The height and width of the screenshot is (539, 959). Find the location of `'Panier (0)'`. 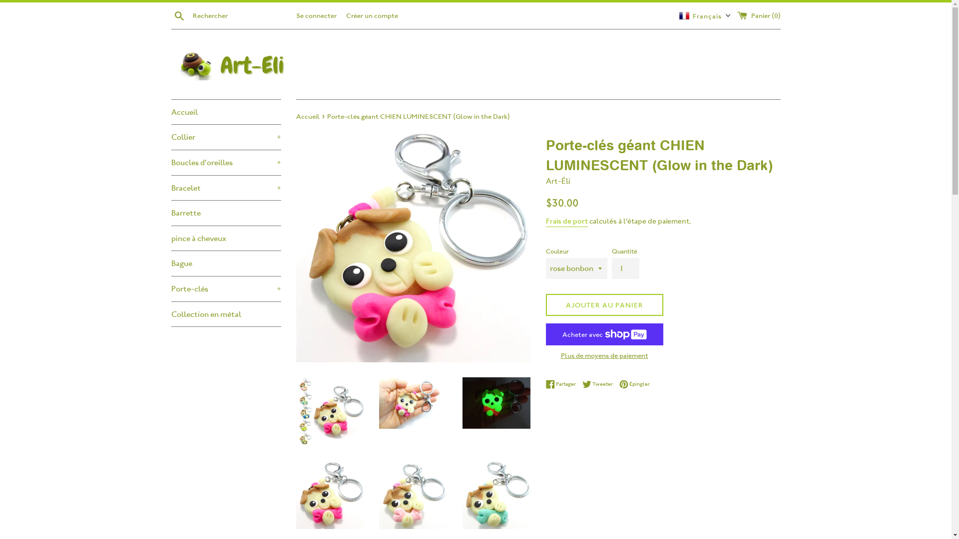

'Panier (0)' is located at coordinates (759, 15).